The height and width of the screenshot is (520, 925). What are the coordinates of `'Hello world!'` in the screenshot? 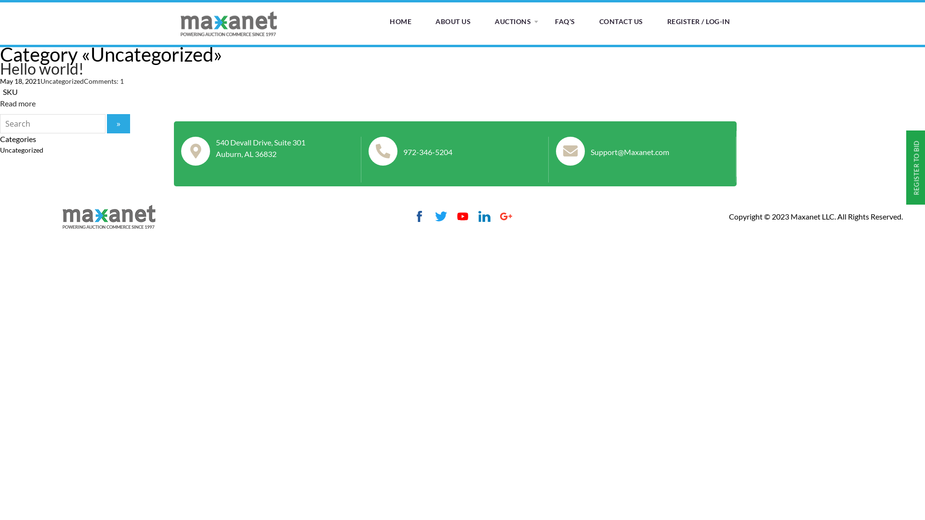 It's located at (41, 68).